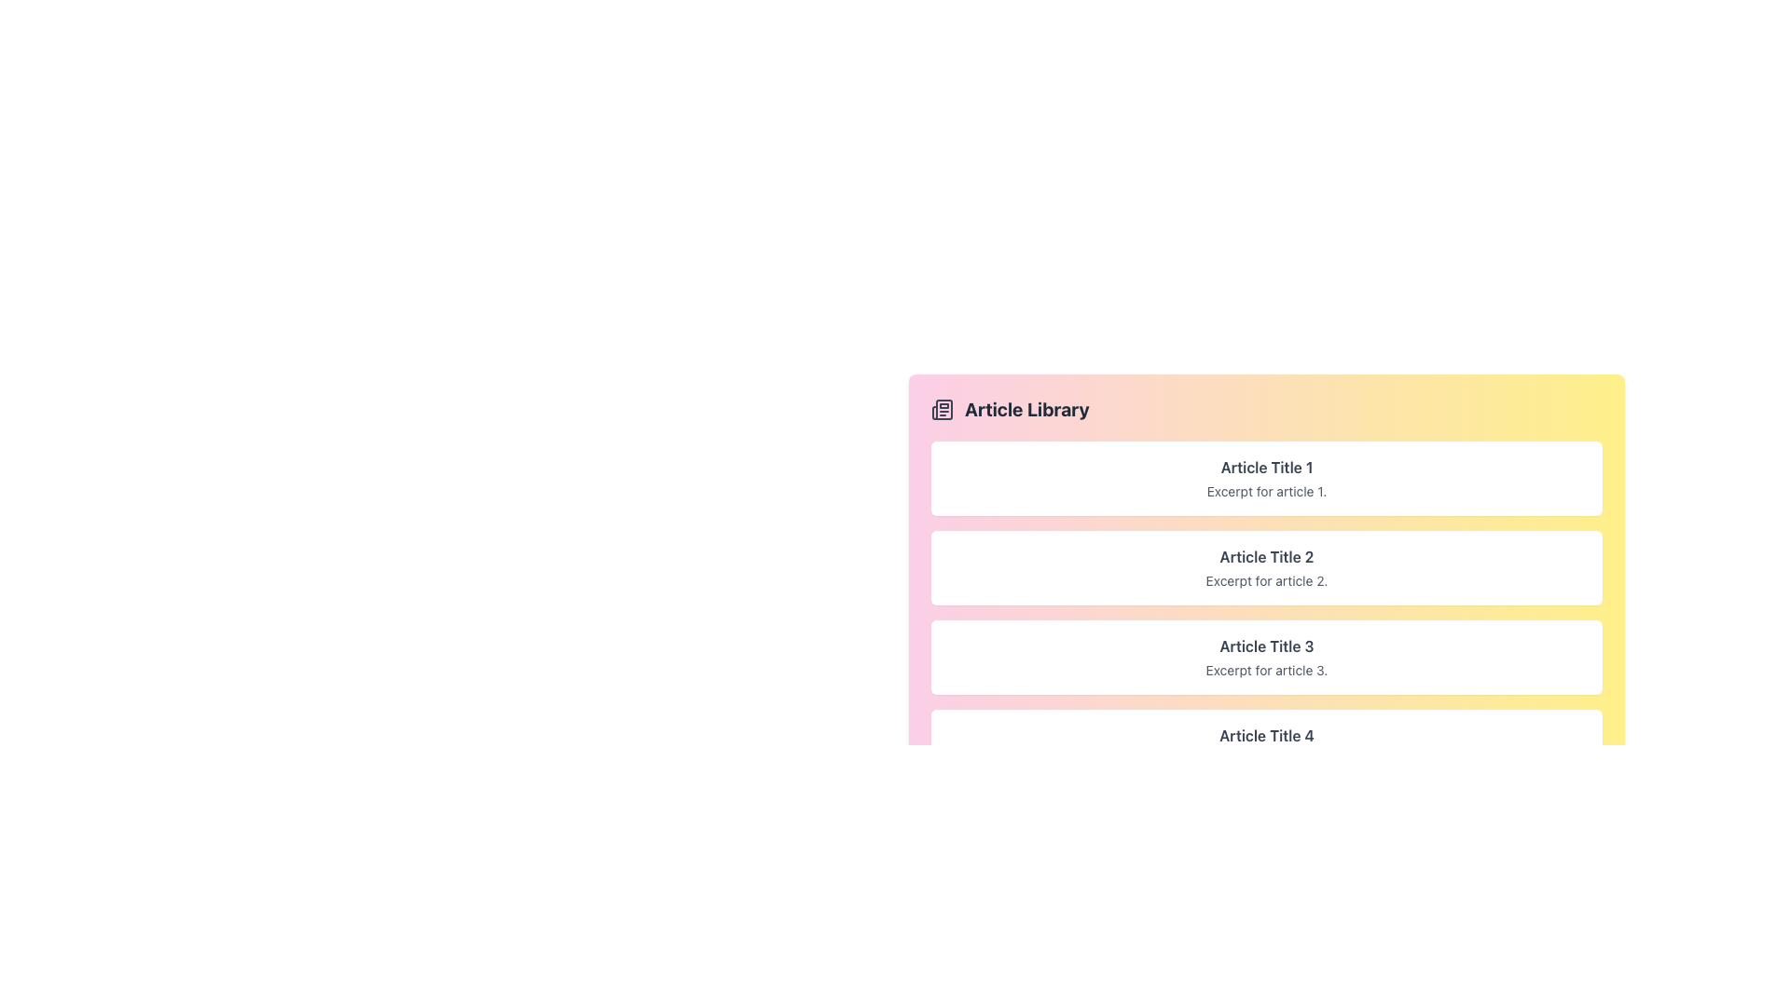 The height and width of the screenshot is (1006, 1790). What do you see at coordinates (1266, 646) in the screenshot?
I see `the bold, dark gray heading displaying 'Article Title 3' within the white rounded box in the third article preview card` at bounding box center [1266, 646].